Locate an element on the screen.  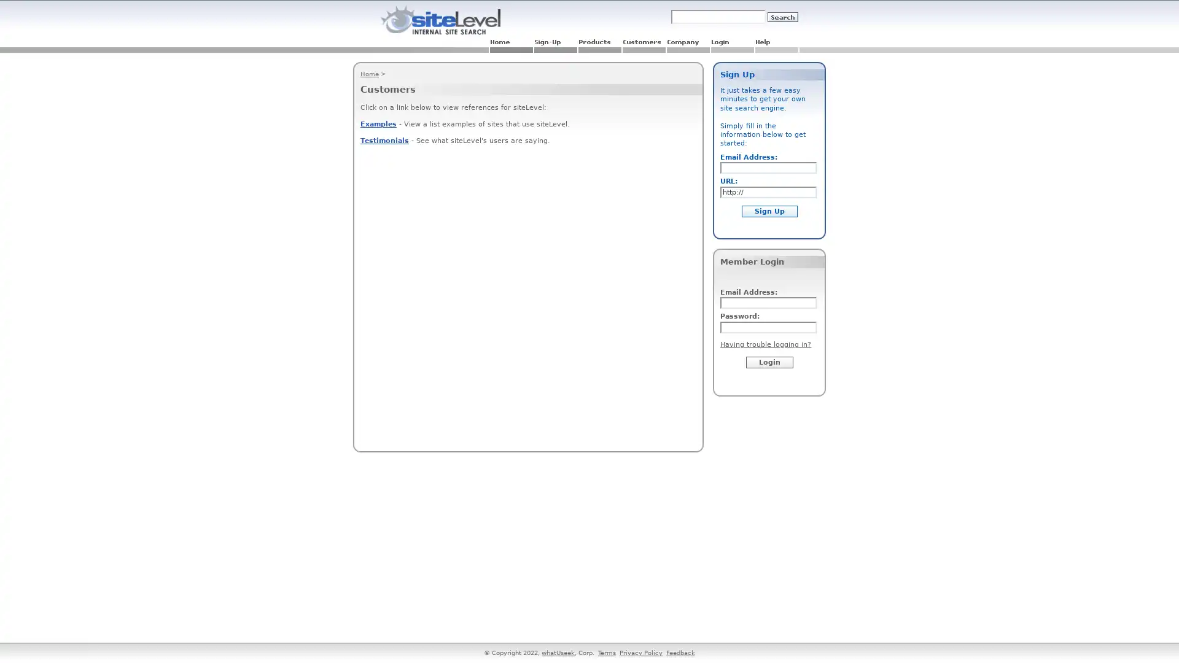
Submit is located at coordinates (782, 17).